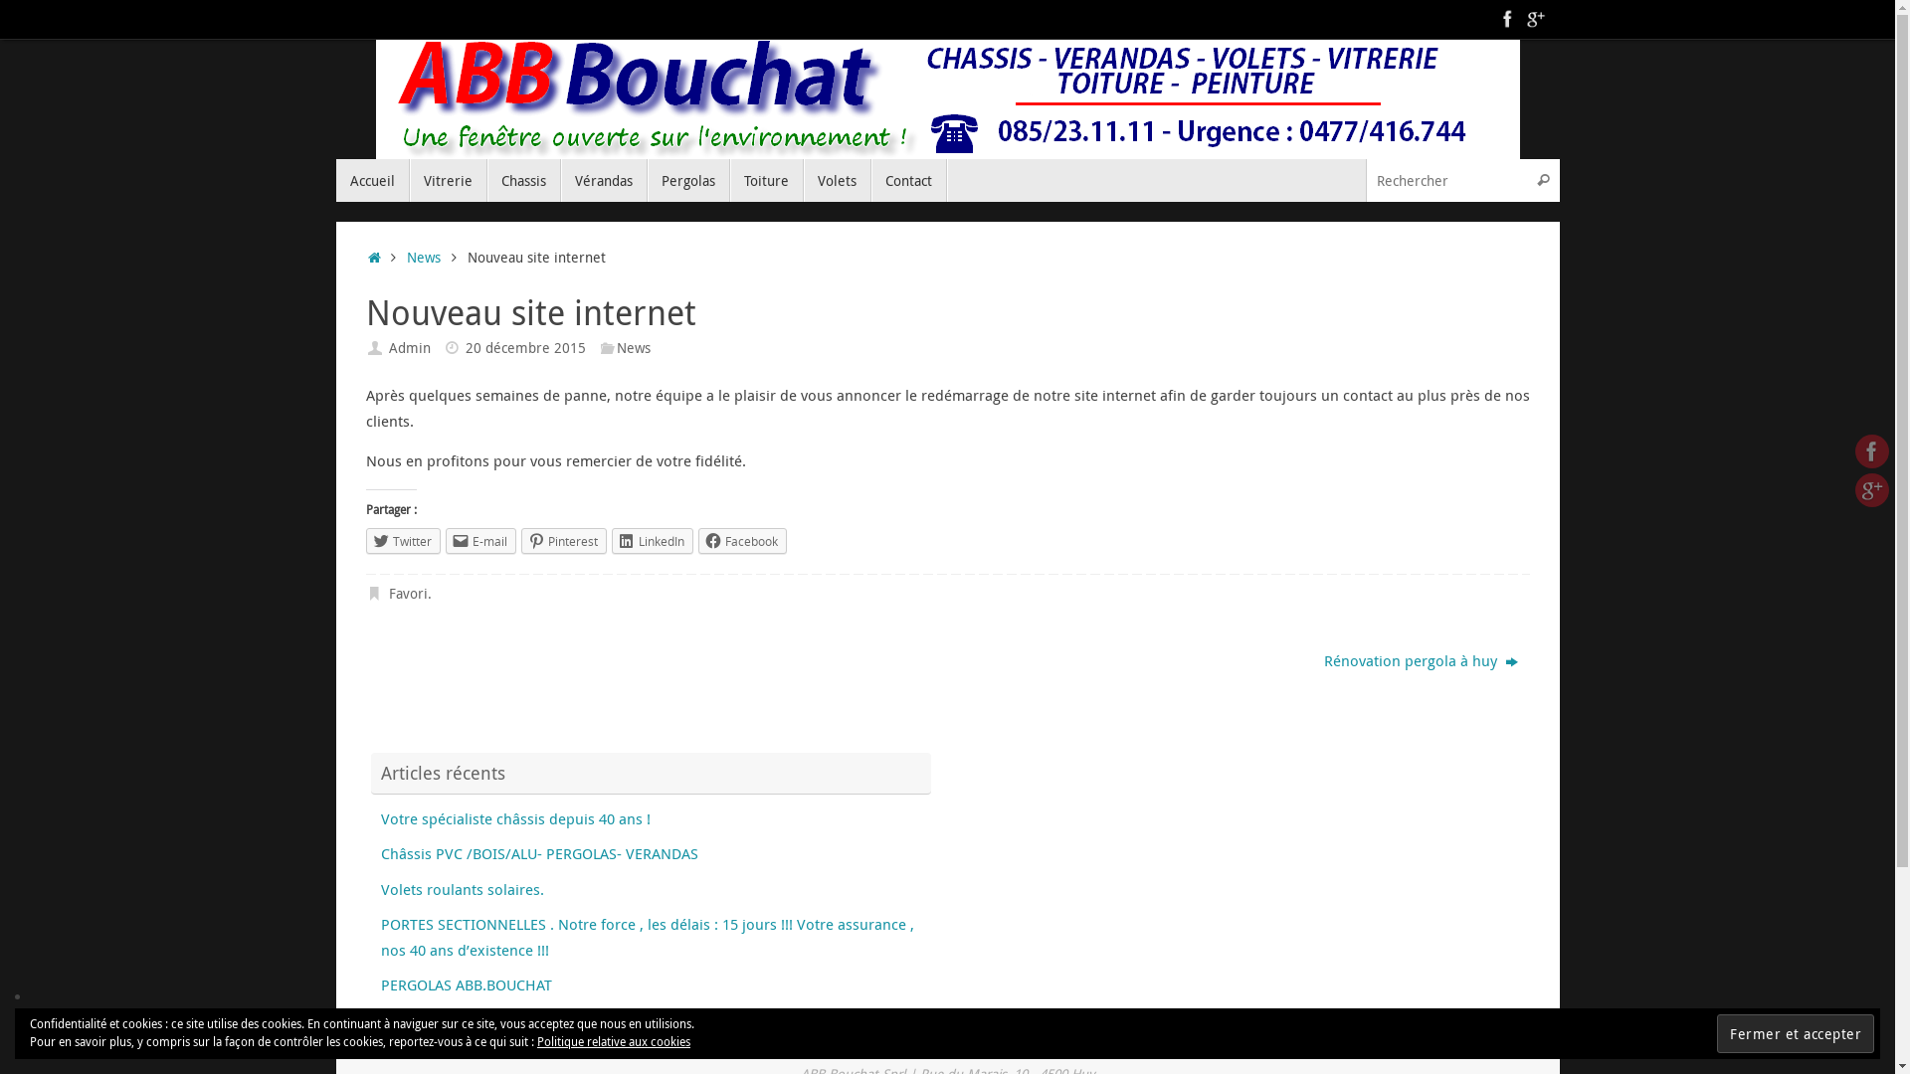 The height and width of the screenshot is (1074, 1910). What do you see at coordinates (870, 180) in the screenshot?
I see `'Contact'` at bounding box center [870, 180].